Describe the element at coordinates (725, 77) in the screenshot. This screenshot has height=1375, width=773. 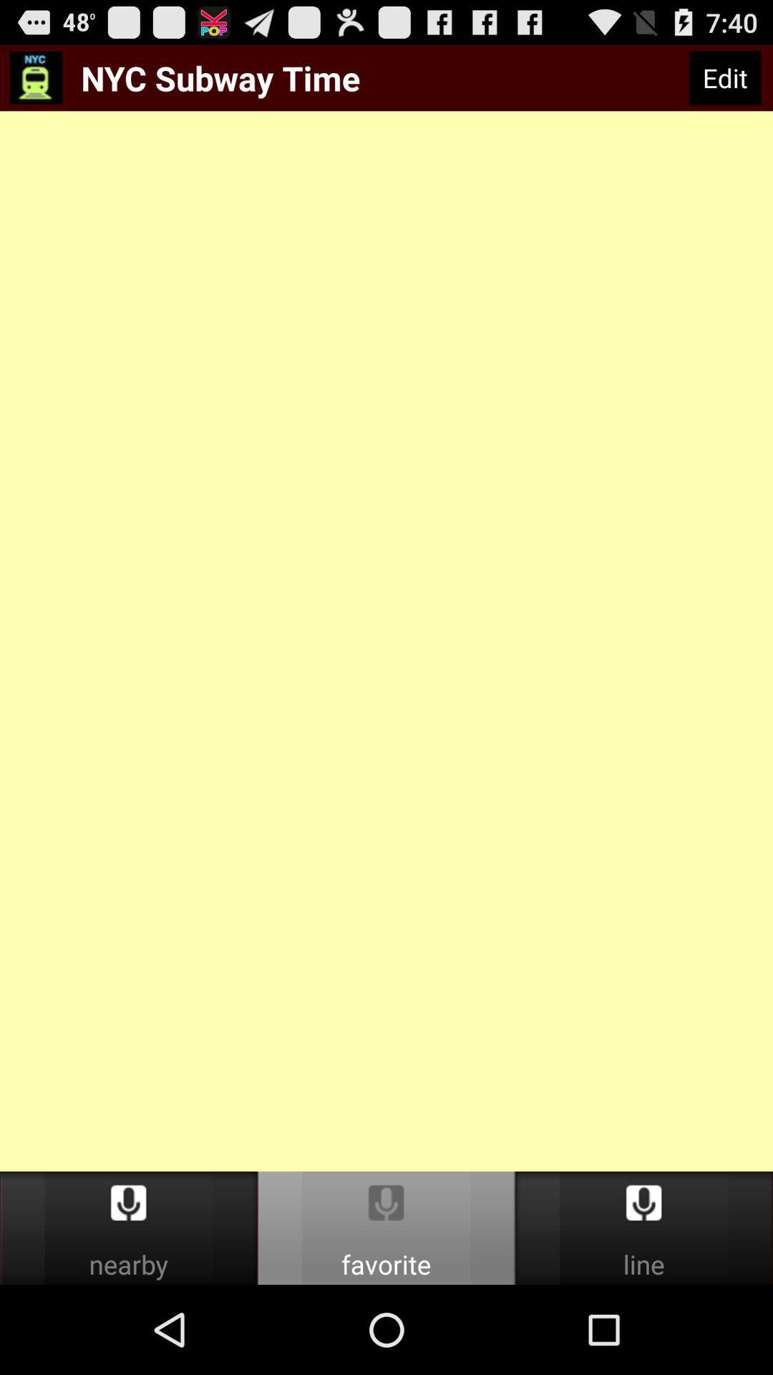
I see `the edit button` at that location.